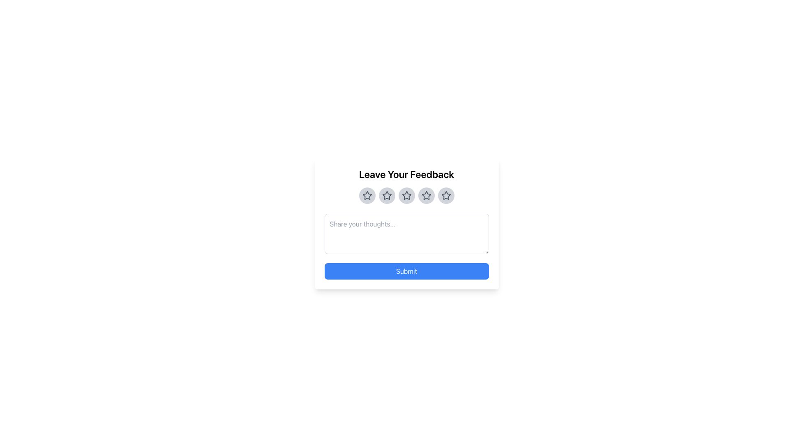 This screenshot has width=789, height=444. Describe the element at coordinates (366, 195) in the screenshot. I see `the first rating star icon, which is a hollow star located below the 'Leave Your Feedback' heading` at that location.